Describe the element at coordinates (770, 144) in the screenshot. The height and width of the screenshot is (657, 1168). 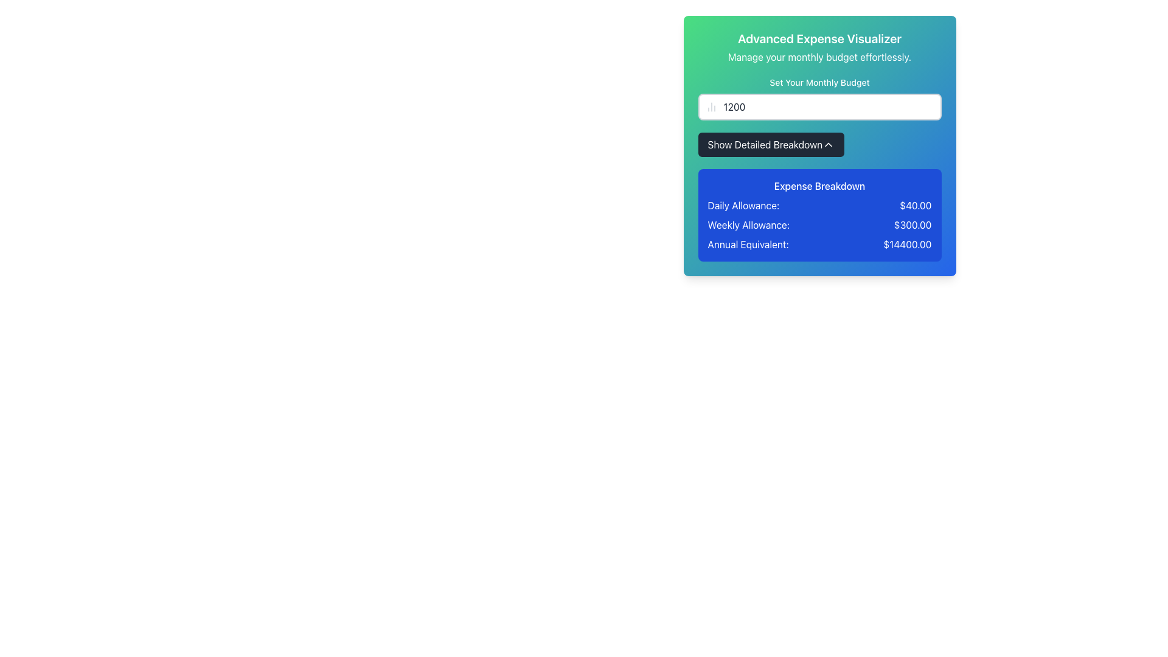
I see `the button labeled 'Show Detailed Breakdown' with a dark gray background and white text` at that location.